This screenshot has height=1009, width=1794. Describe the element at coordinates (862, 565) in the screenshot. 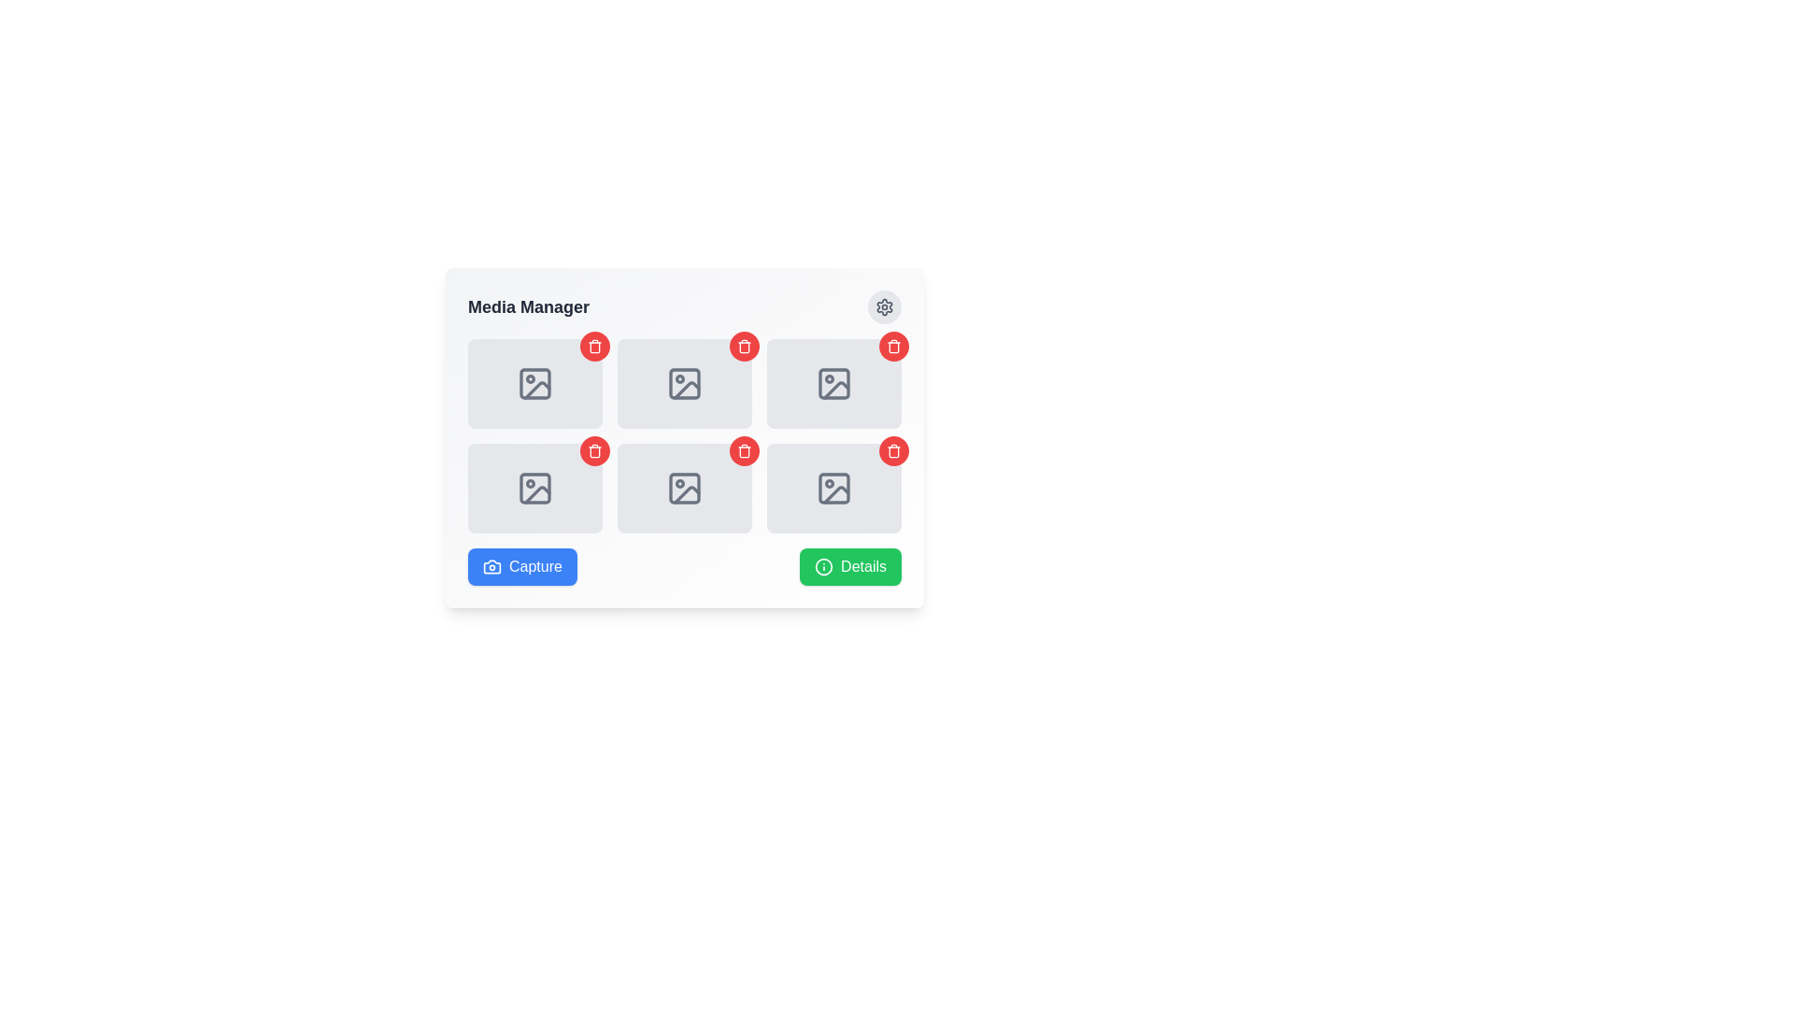

I see `the 'Details' text label within the green button located in the bottom-right corner of the 'Media Manager' section` at that location.